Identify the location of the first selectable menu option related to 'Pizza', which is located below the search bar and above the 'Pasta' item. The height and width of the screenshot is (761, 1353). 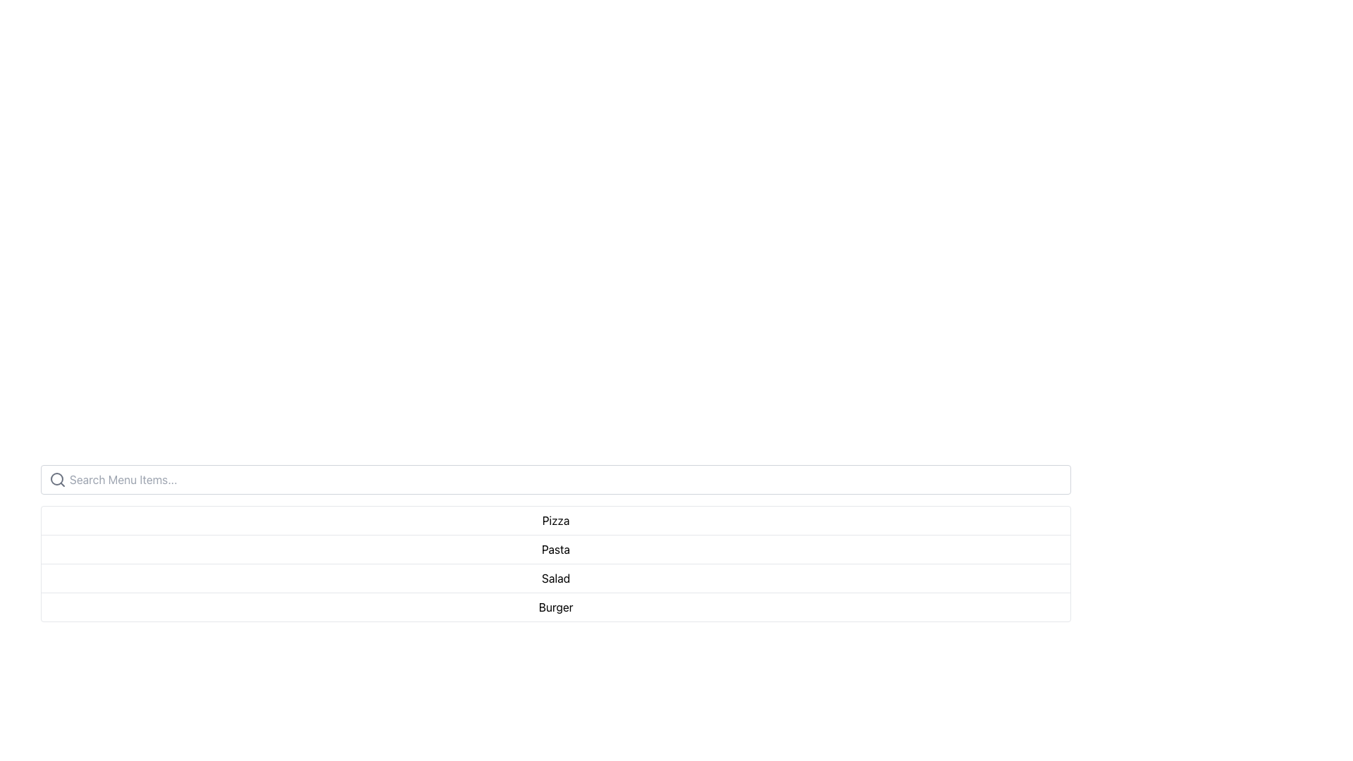
(555, 521).